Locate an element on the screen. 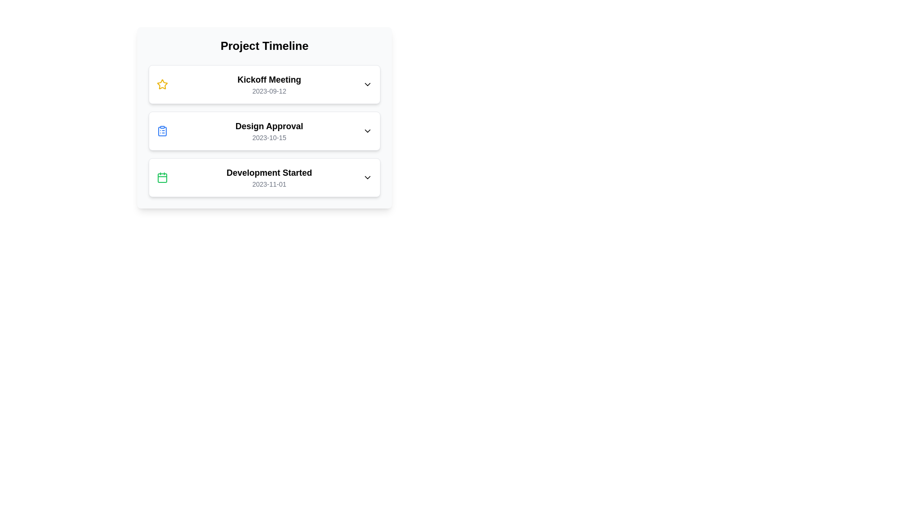  the yellow star-shaped icon located to the left of the 'Kickoff Meeting' text in the project timeline is located at coordinates (162, 84).